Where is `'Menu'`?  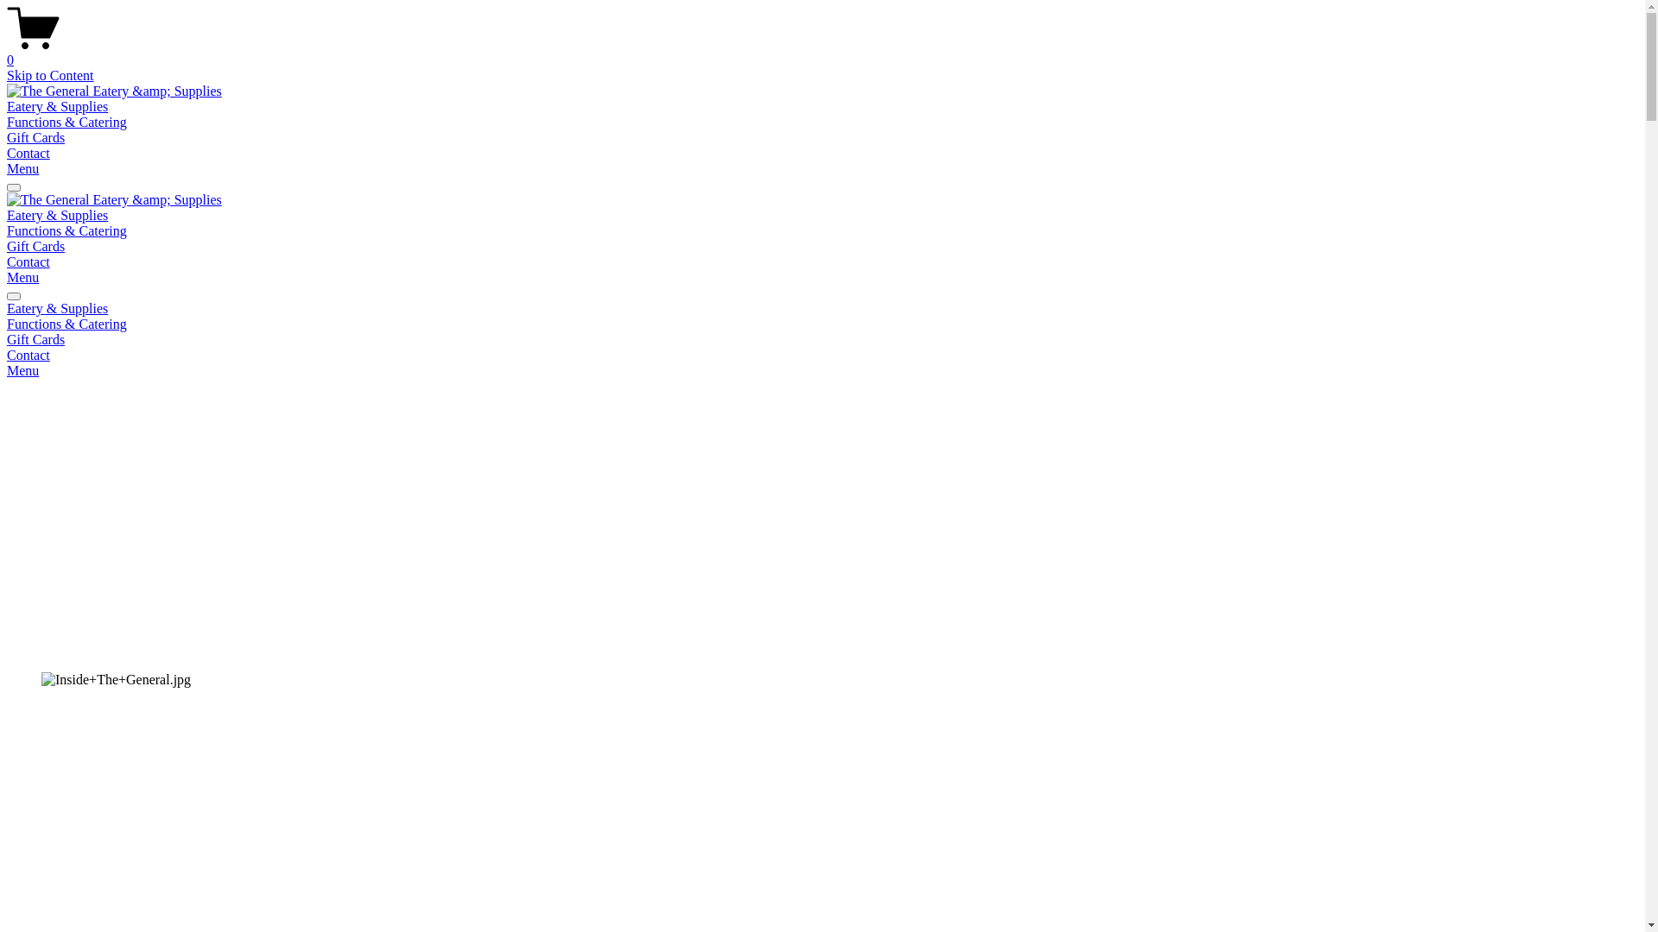
'Menu' is located at coordinates (7, 276).